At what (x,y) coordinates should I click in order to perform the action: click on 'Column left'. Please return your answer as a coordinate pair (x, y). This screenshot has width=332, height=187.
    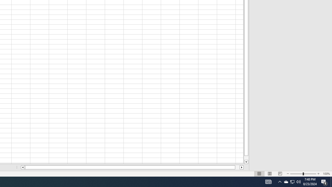
    Looking at the image, I should click on (22, 167).